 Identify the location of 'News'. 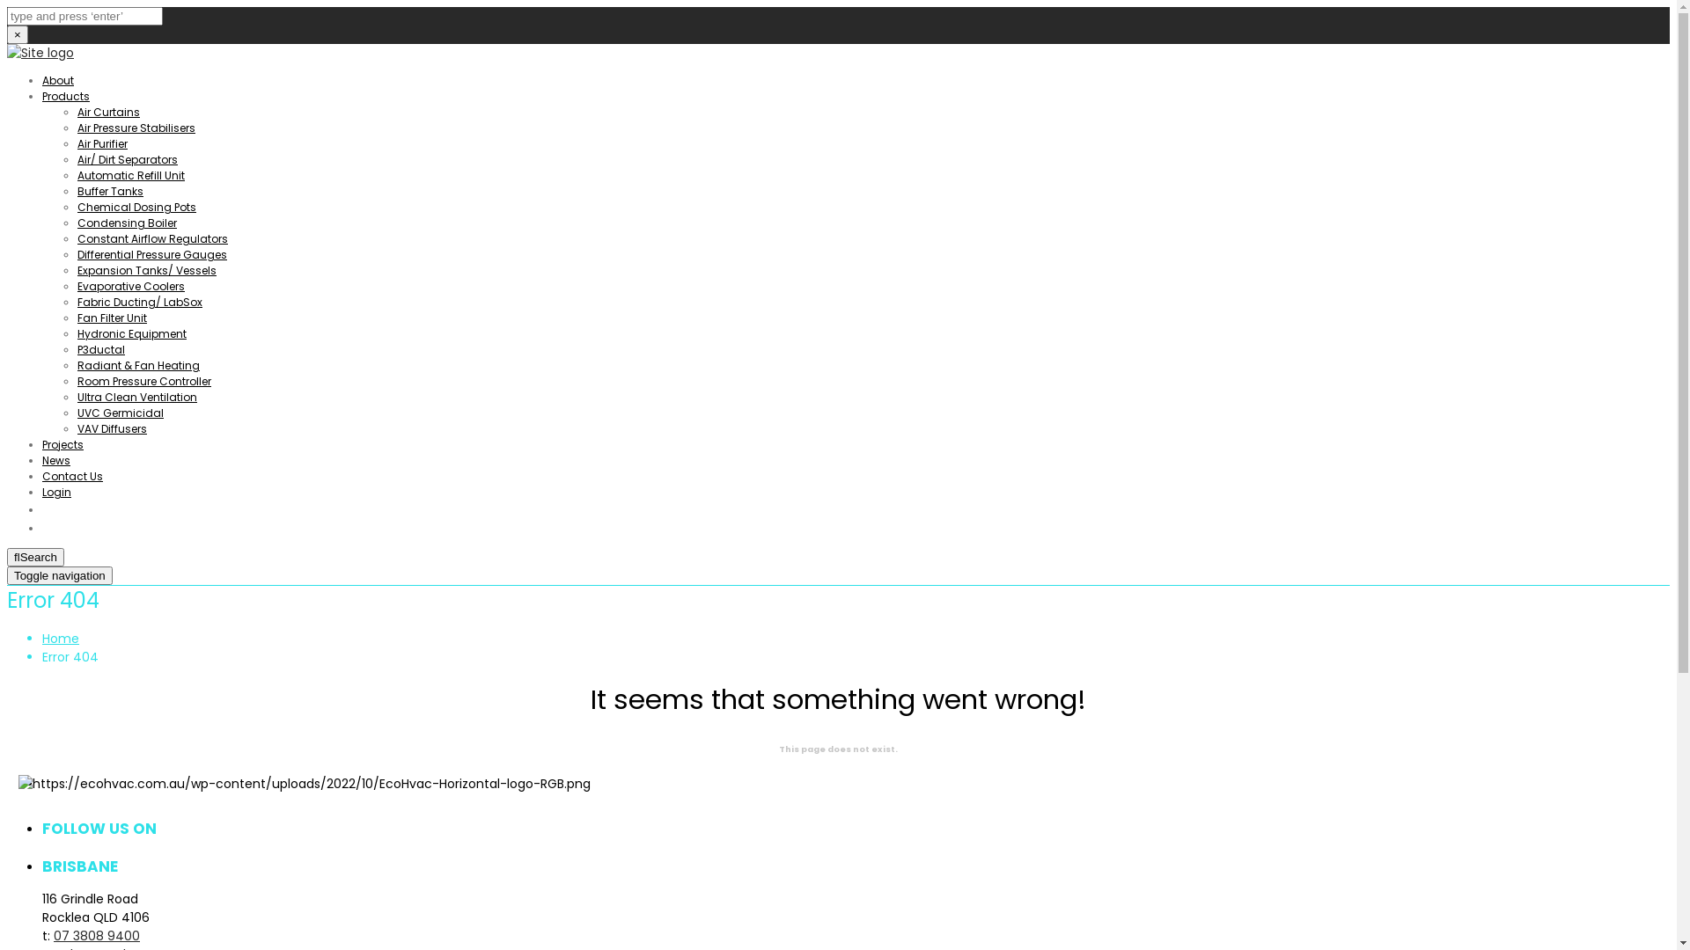
(55, 459).